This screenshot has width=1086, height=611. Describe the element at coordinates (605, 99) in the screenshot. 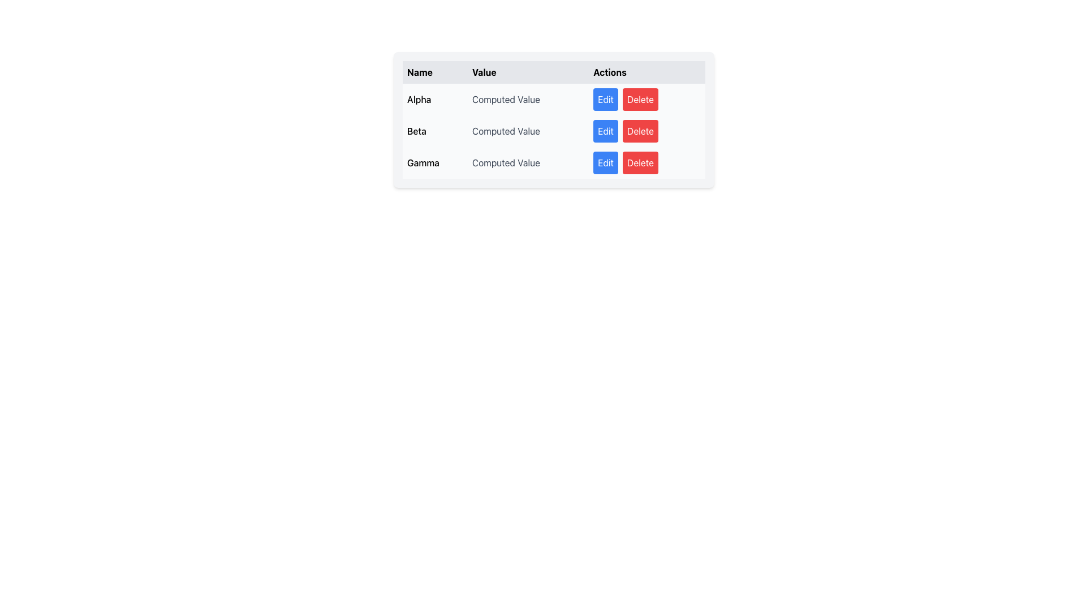

I see `the 'Edit' button, which is a rectangular button with rounded corners, a blue background, and white text in the 'Actions' column of a table layout, corresponding to the 'Alpha' row` at that location.